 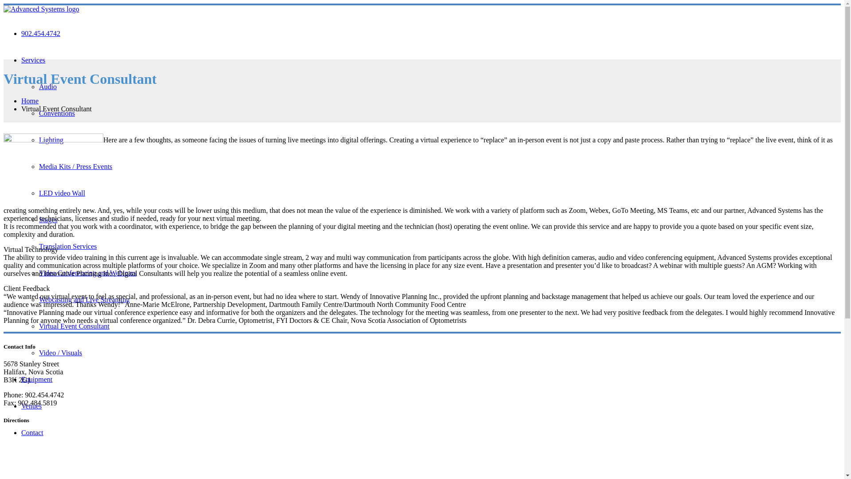 What do you see at coordinates (84, 299) in the screenshot?
I see `'Webcasting and Live Streaming'` at bounding box center [84, 299].